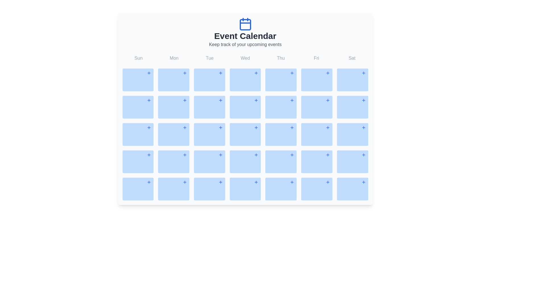 This screenshot has height=307, width=546. I want to click on the interactive icon (Plus Sign) located at the upper-right corner of the last cell in the fifth row of the calendar grid, so click(149, 182).